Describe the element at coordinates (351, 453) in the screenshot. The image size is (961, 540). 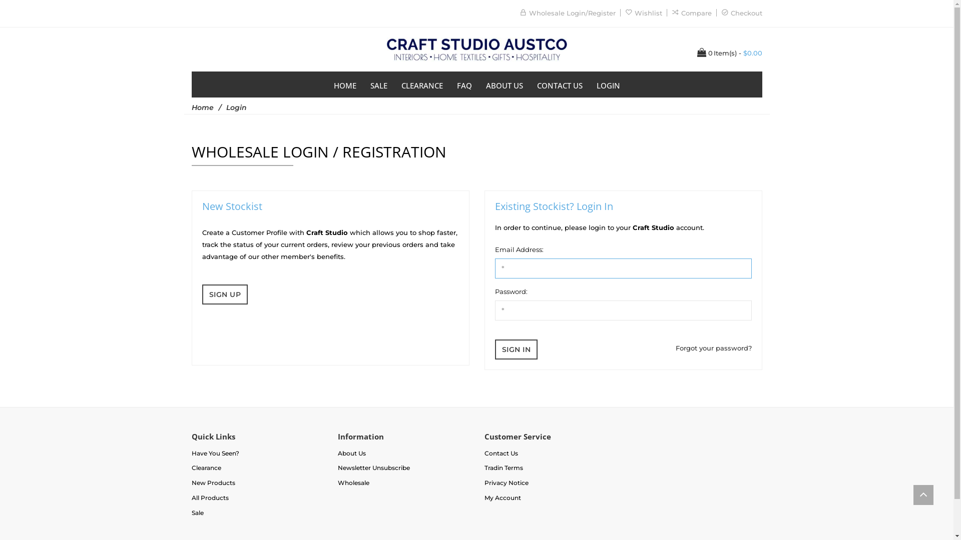
I see `'About Us'` at that location.